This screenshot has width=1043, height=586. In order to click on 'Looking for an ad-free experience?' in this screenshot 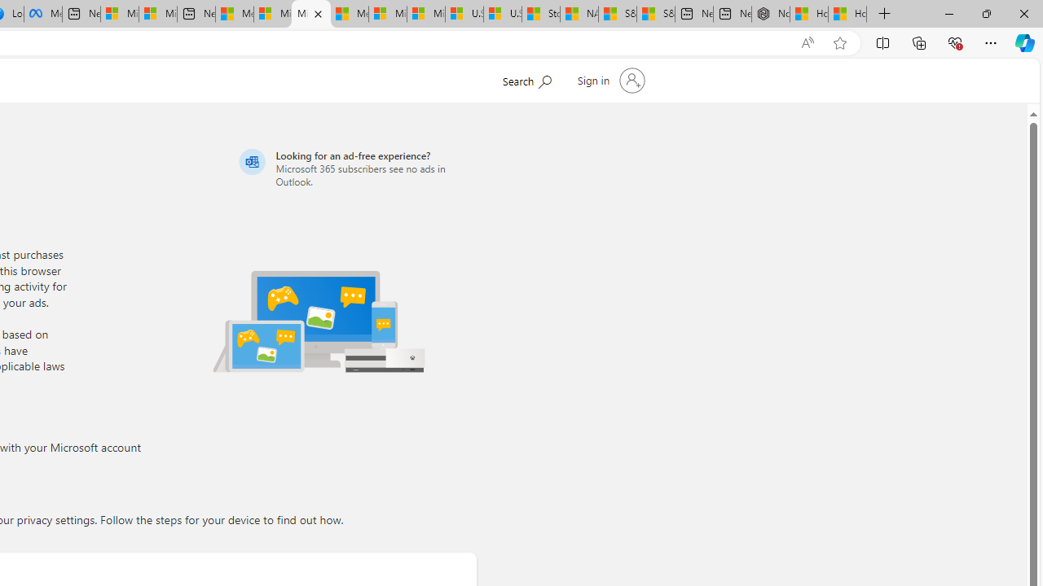, I will do `click(354, 168)`.